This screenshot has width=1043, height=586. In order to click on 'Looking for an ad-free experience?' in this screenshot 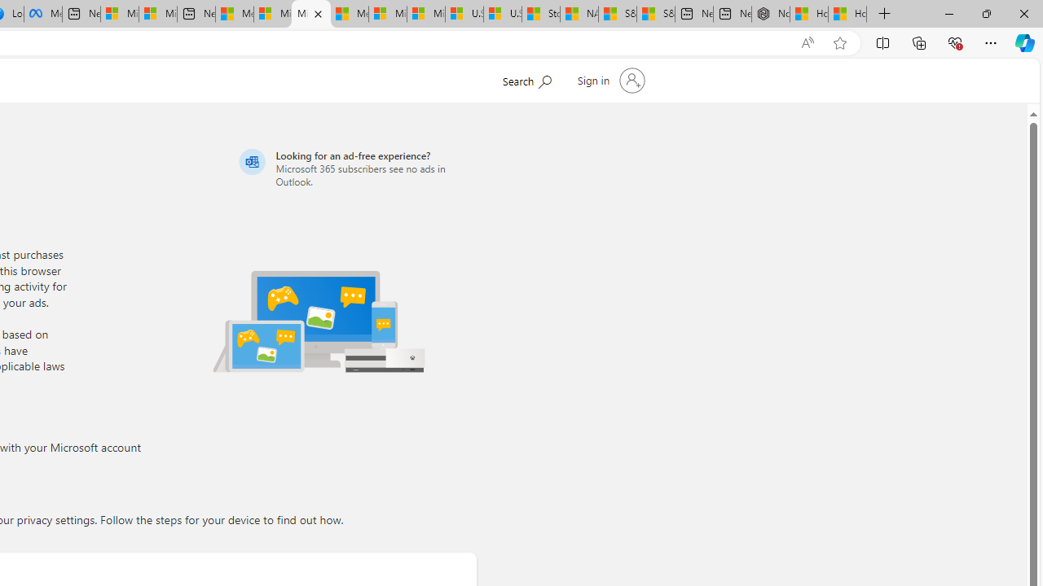, I will do `click(354, 168)`.